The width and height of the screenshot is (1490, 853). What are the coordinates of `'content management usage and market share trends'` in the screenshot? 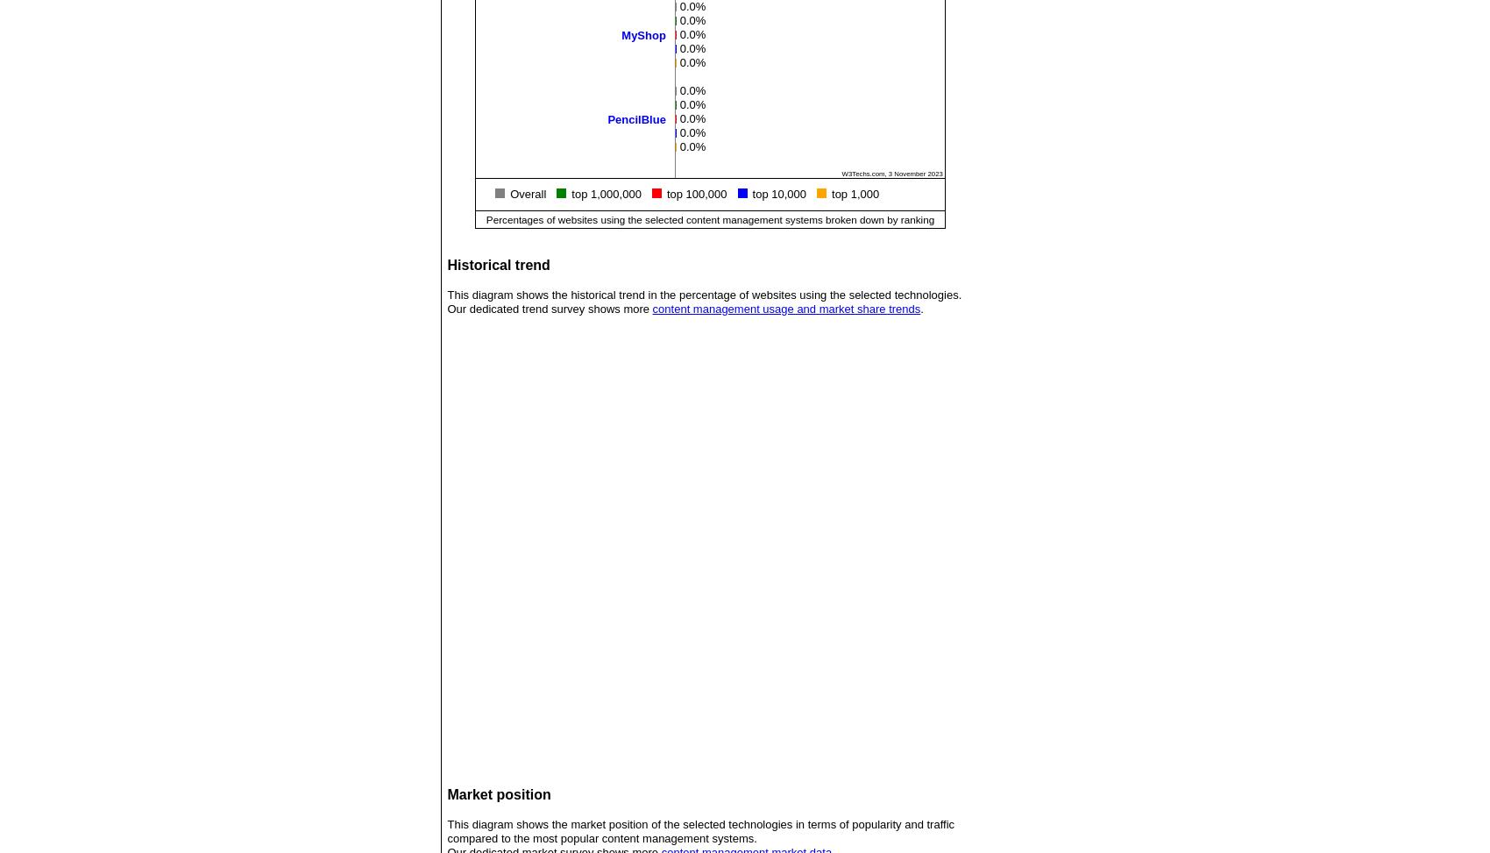 It's located at (785, 308).